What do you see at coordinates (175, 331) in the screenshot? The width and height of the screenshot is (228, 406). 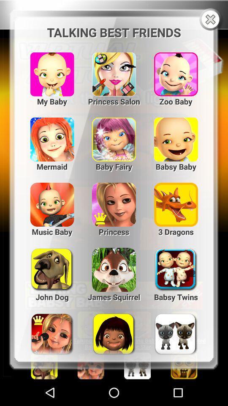 I see `3rd image in the last row` at bounding box center [175, 331].